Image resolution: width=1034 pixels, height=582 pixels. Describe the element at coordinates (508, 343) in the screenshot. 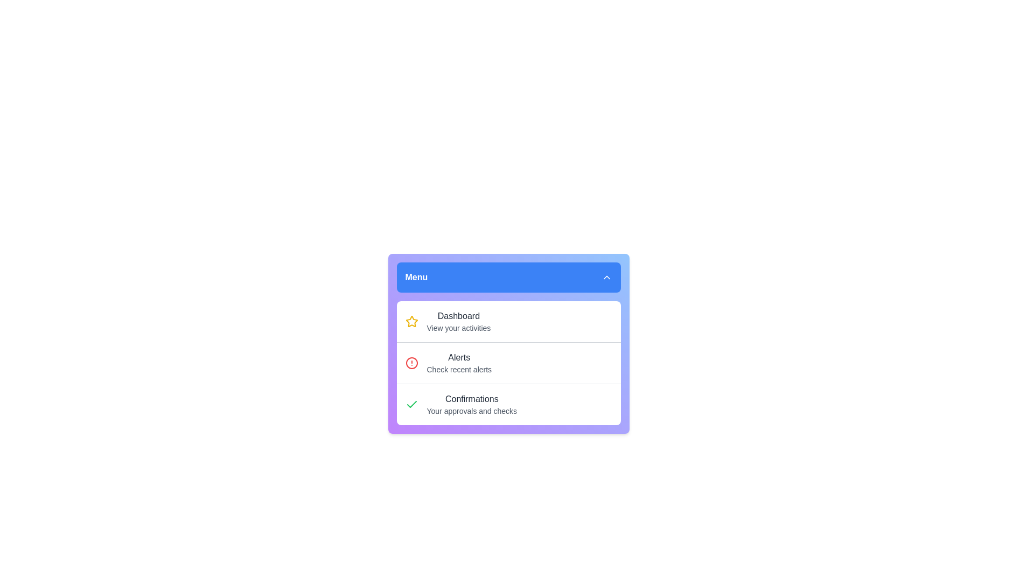

I see `the 'Alerts' list item within the menu component, which is styled with a gradient background and contains informational sections labeled 'Dashboard', 'Alerts', and 'Confirmations'` at that location.